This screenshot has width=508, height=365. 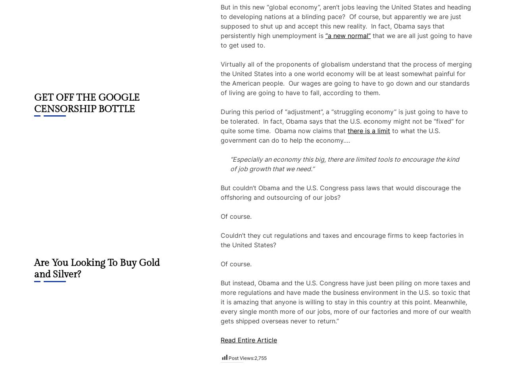 What do you see at coordinates (330, 135) in the screenshot?
I see `'to what the U.S. government can do to help the economy….'` at bounding box center [330, 135].